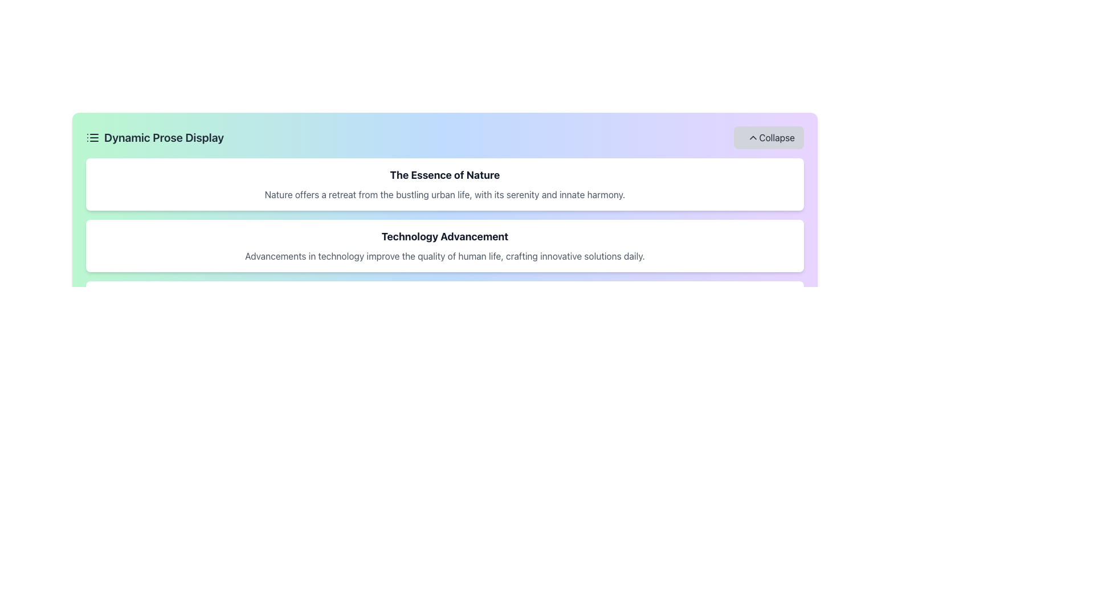 The width and height of the screenshot is (1094, 615). Describe the element at coordinates (154, 137) in the screenshot. I see `text of the Text Label located at the top left corner under a gradient background, adjacent to a list icon` at that location.